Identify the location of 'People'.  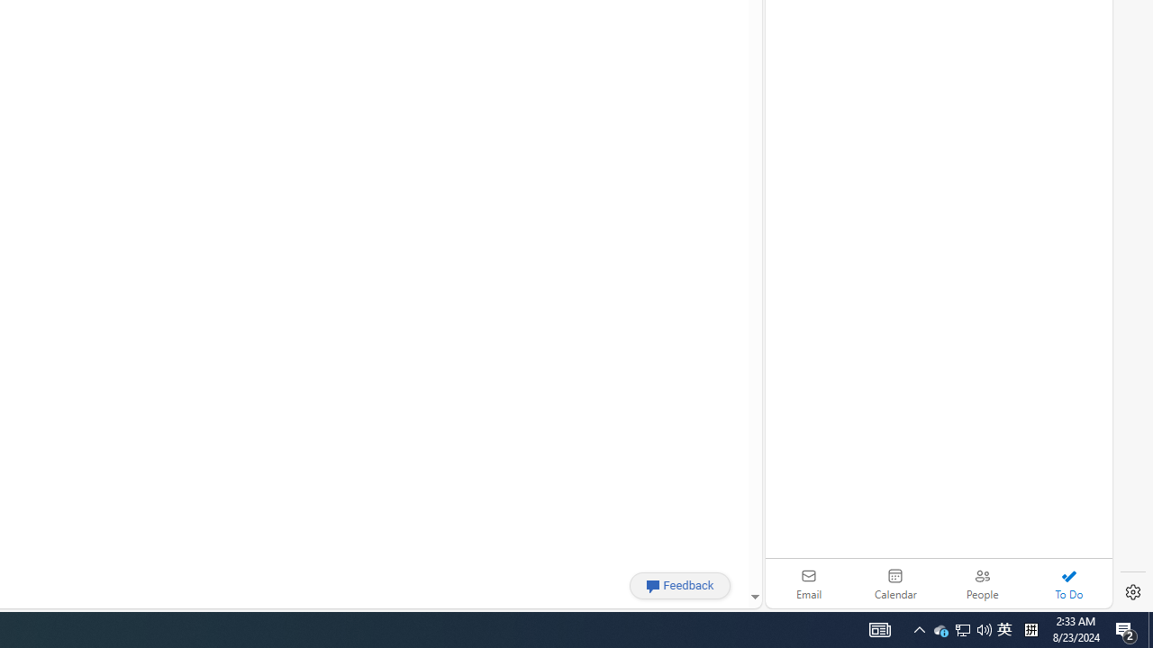
(981, 583).